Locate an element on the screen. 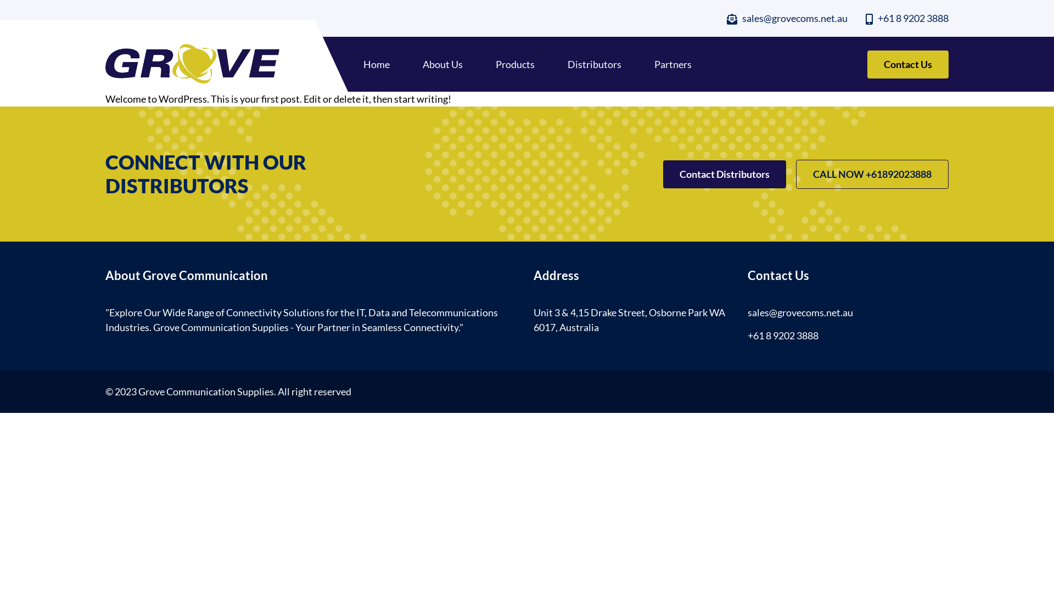 The height and width of the screenshot is (593, 1054). 'sales@grovecoms.net.au' is located at coordinates (727, 18).